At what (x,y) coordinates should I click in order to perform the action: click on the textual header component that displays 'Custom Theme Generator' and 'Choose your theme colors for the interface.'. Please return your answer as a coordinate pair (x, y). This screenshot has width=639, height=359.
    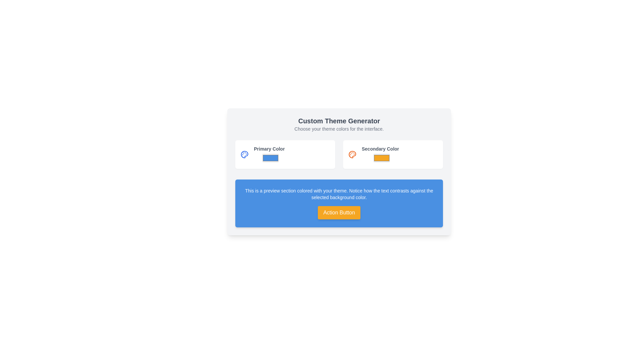
    Looking at the image, I should click on (339, 124).